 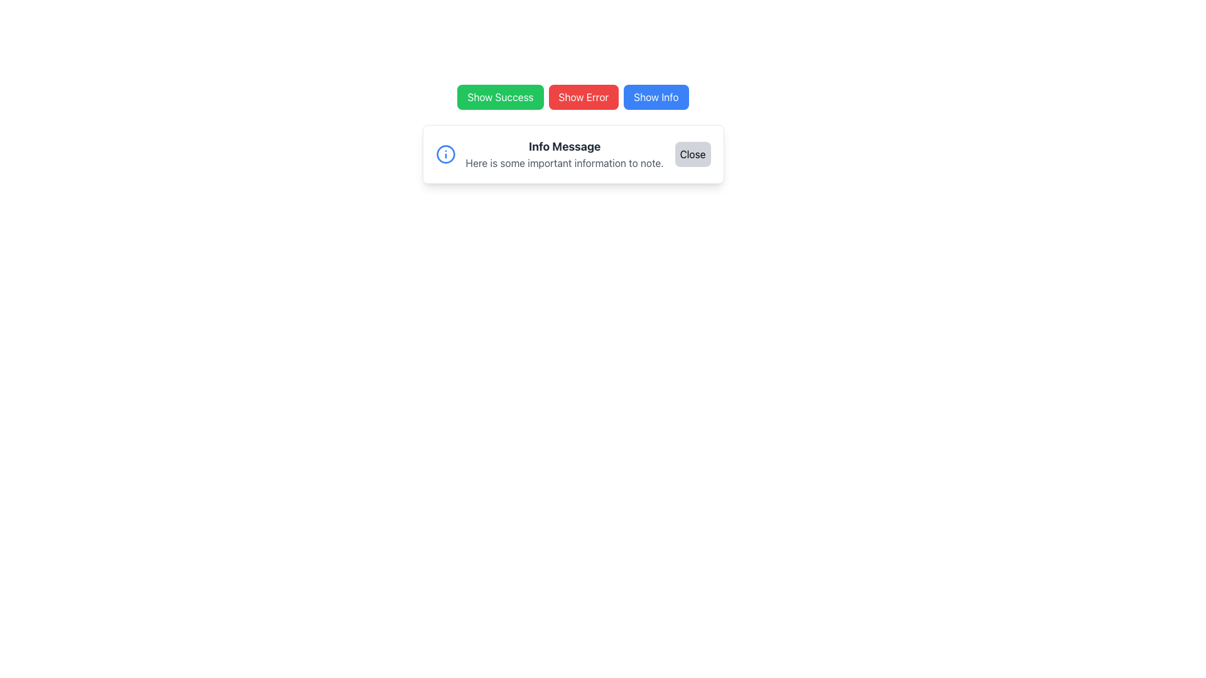 What do you see at coordinates (655, 96) in the screenshot?
I see `the third button in the horizontally aligned set of three buttons` at bounding box center [655, 96].